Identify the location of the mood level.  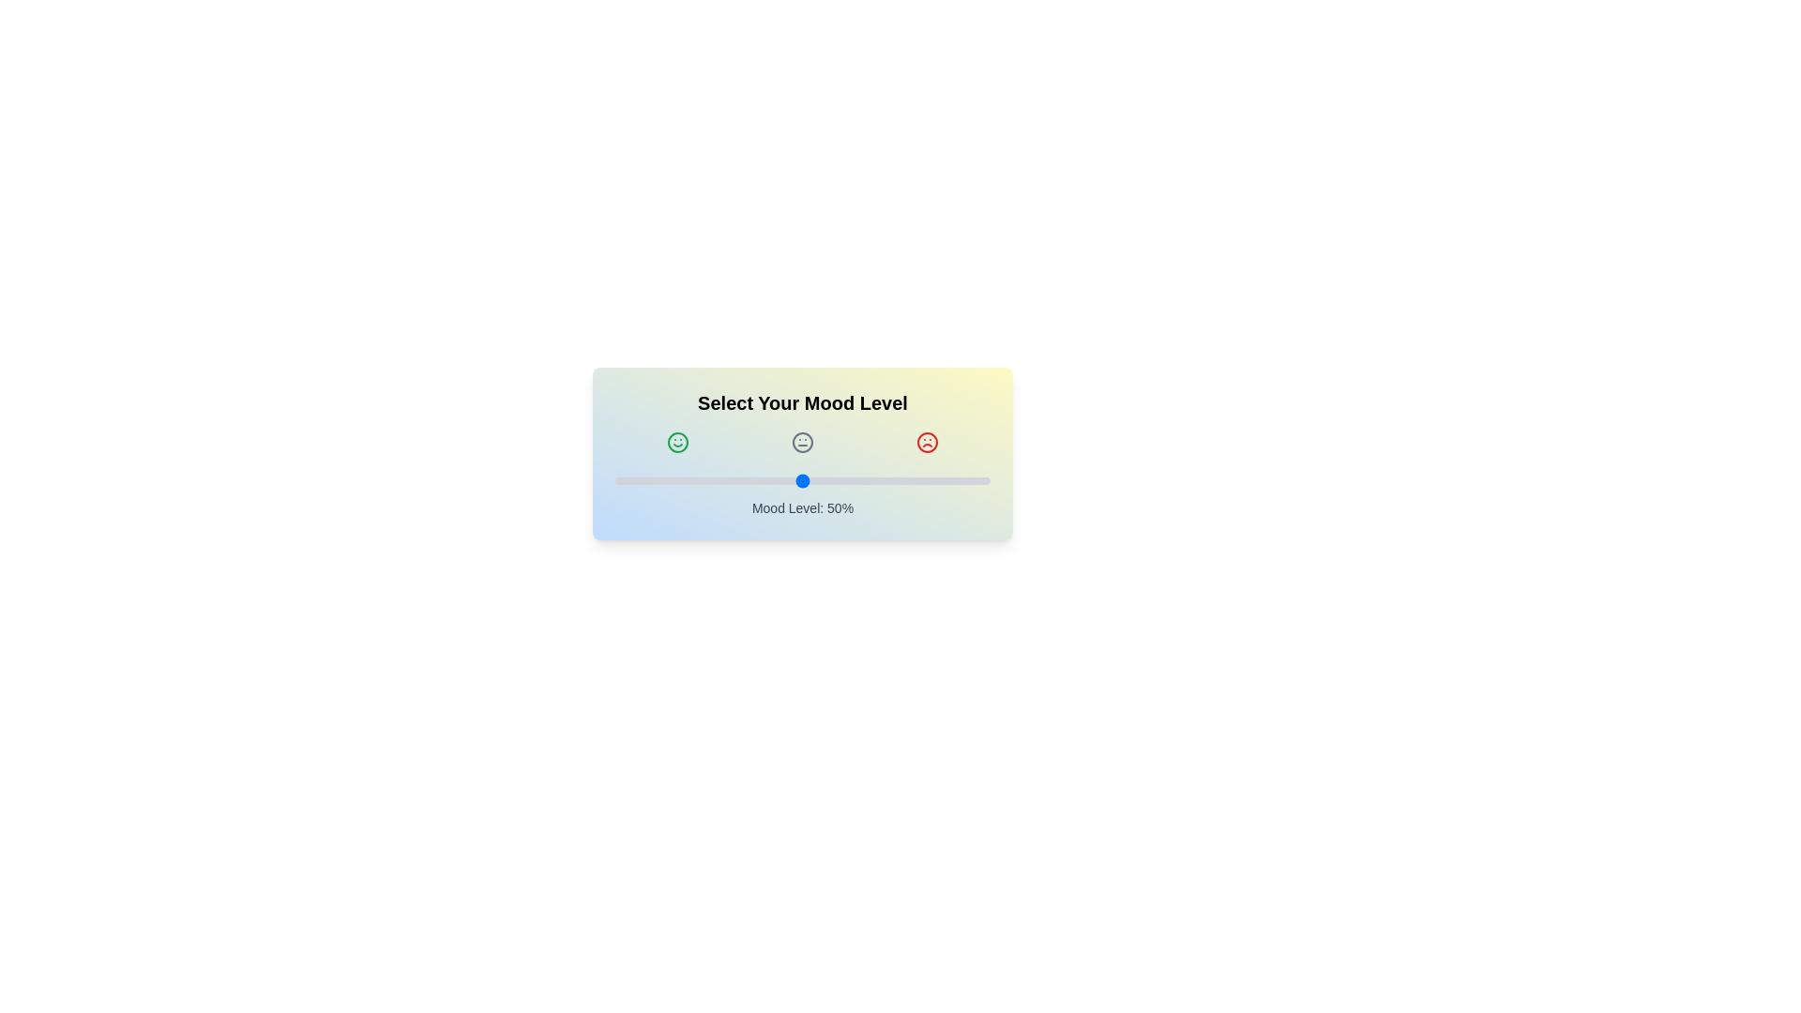
(685, 480).